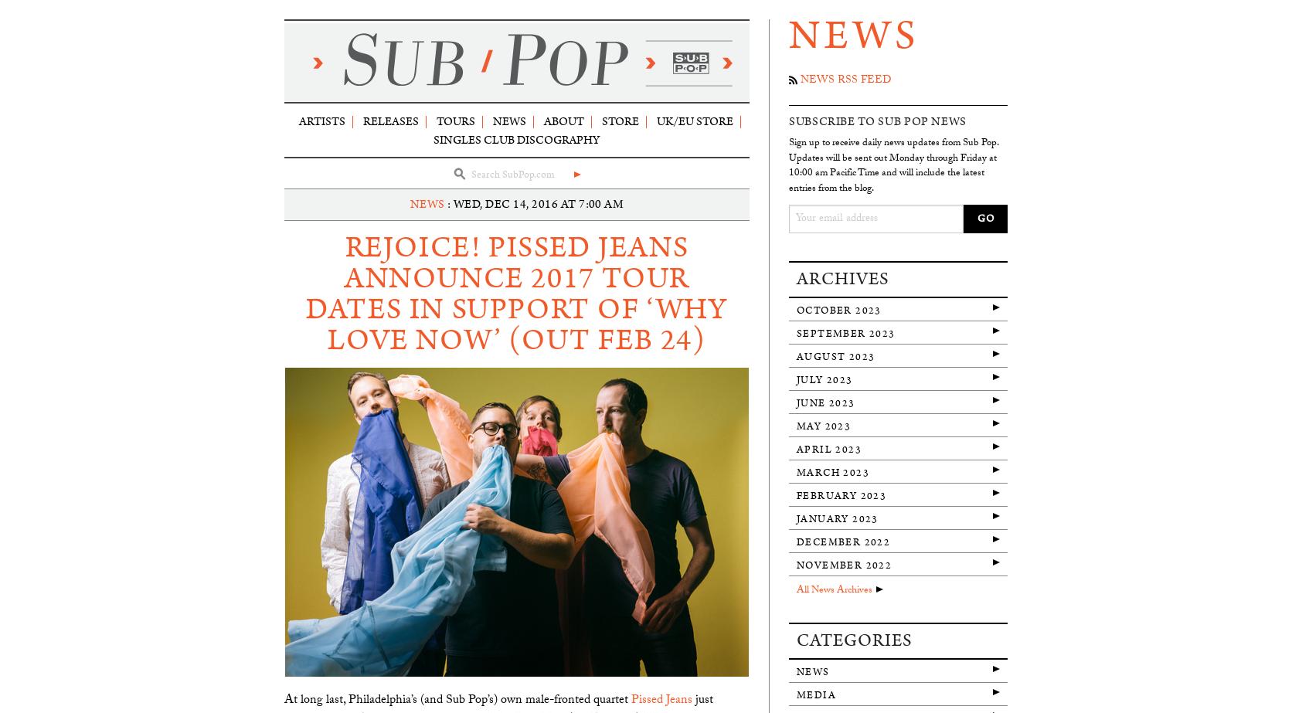 Image resolution: width=1292 pixels, height=713 pixels. I want to click on 'Rejoice! Pissed Jeans Announce 2017 Tour Dates In Support of ‘Why Love Now’ (out Feb 24)', so click(516, 293).